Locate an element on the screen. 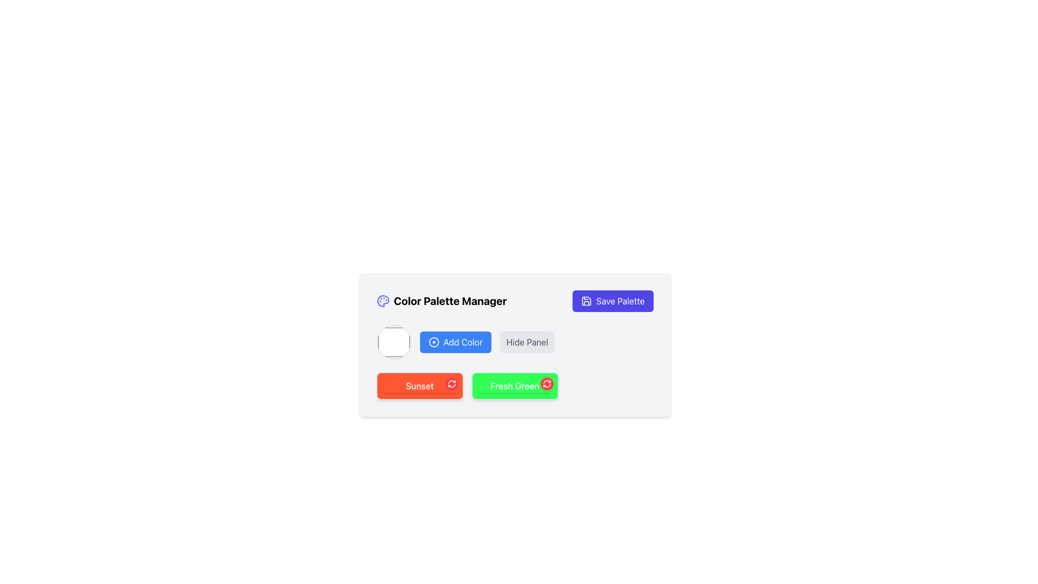 Image resolution: width=1038 pixels, height=584 pixels. the header text element that indicates the purpose or context of the interface section, located to the left of the 'Save Palette' button is located at coordinates (441, 301).